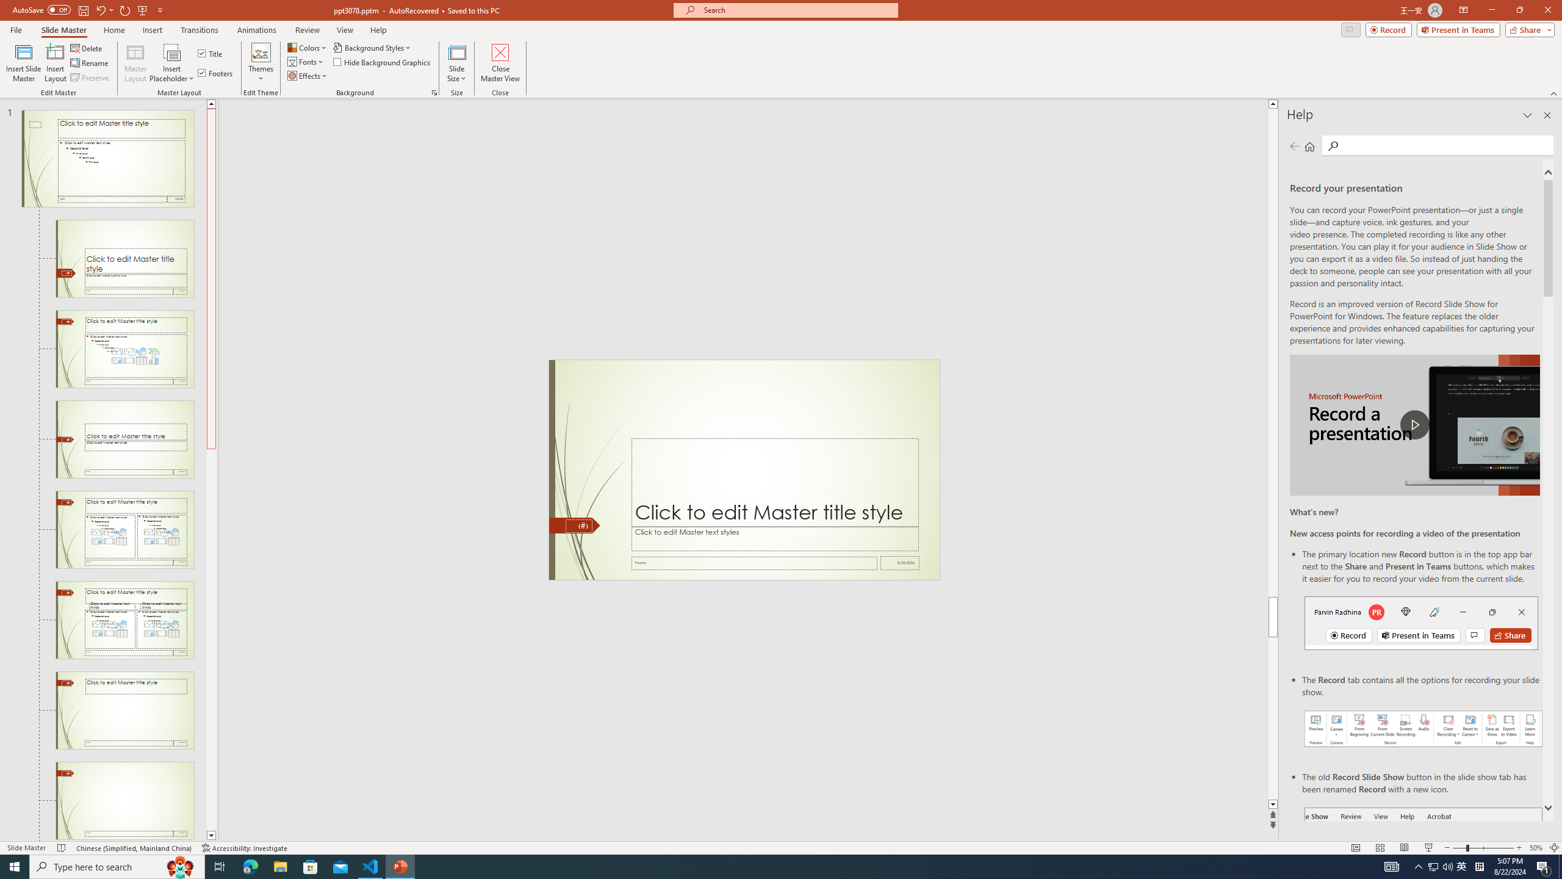  I want to click on 'Close pane', so click(1547, 115).